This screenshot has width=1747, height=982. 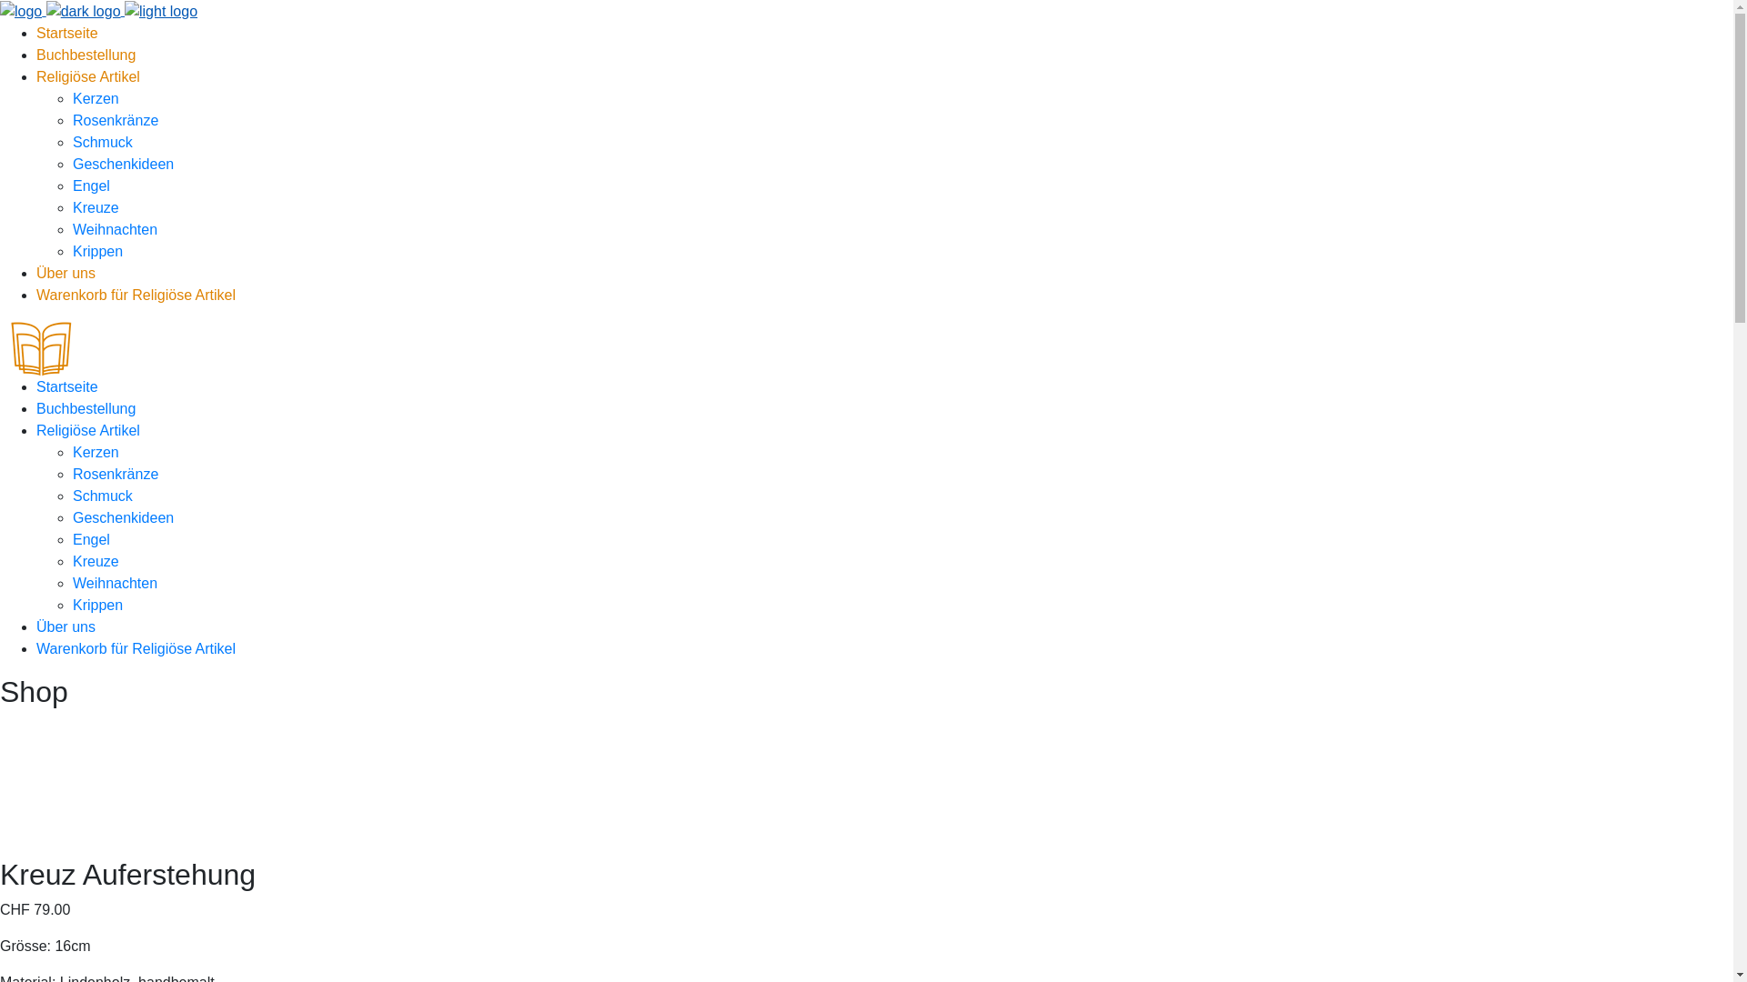 I want to click on 'Weihnachten', so click(x=114, y=583).